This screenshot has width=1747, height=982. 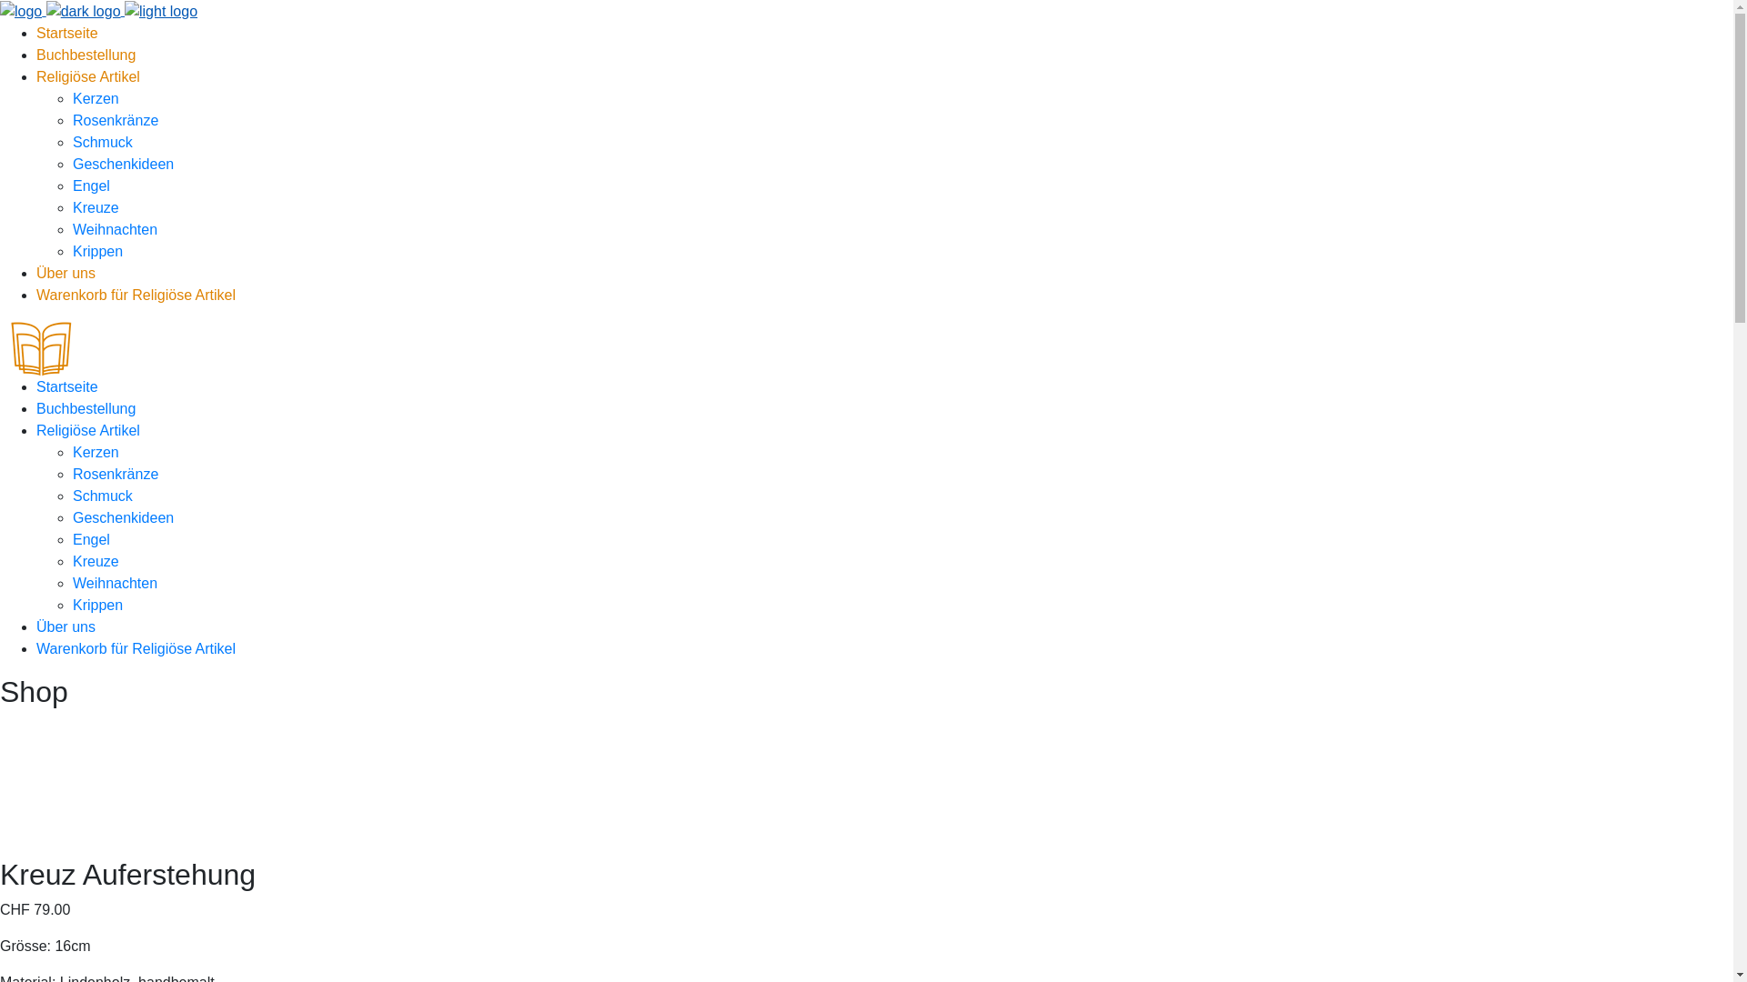 I want to click on 'Weihnachten', so click(x=114, y=583).